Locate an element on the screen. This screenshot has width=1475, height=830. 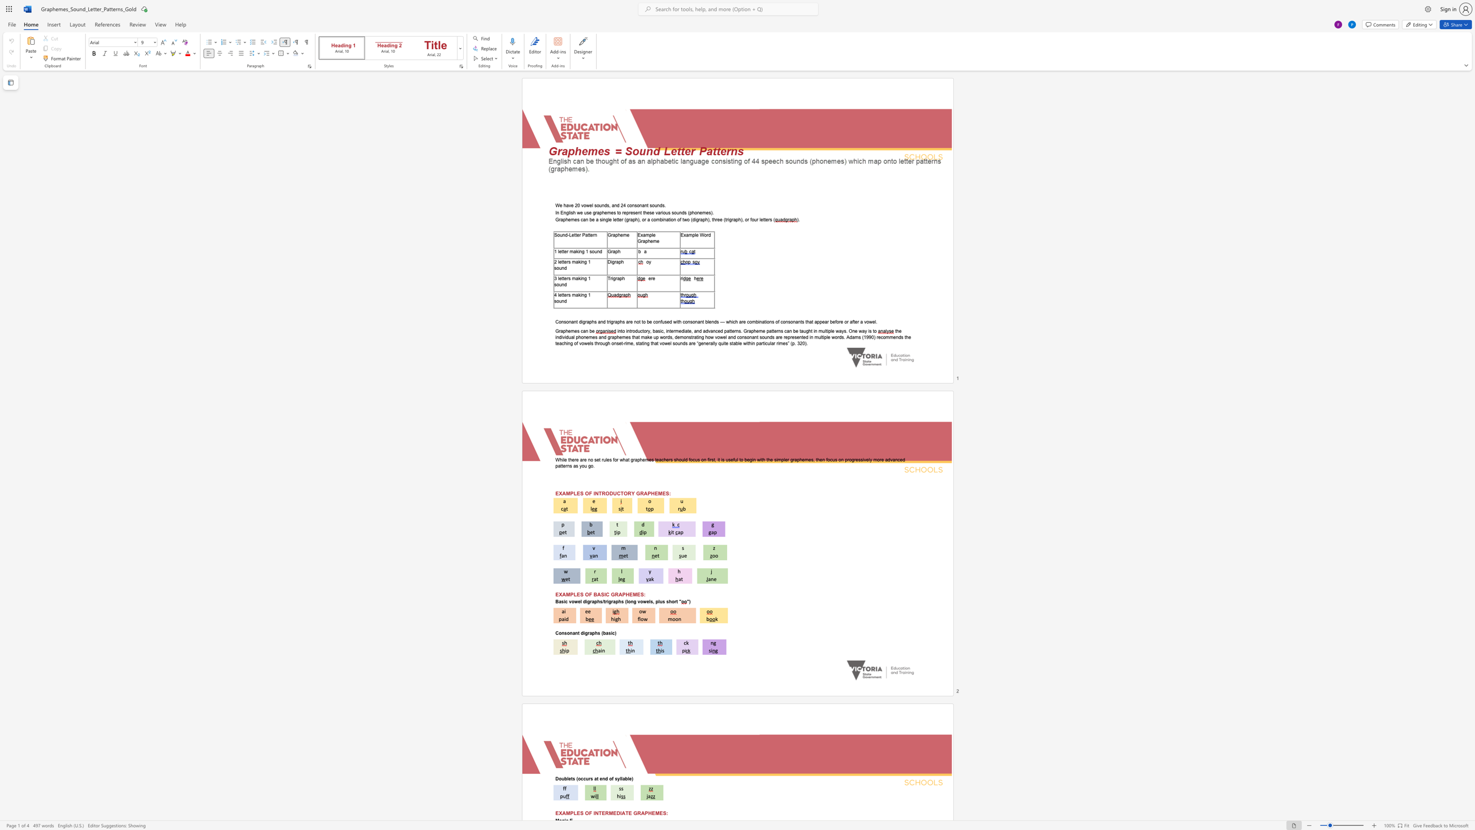
the subset text "es, then focus on progressively more advanced patterns as yo" within the text "While there are no set rules for what graphemes teachers should focus on first, it is useful to begin with the simpler graphemes, then focus on progressively more advanced patterns as you go" is located at coordinates (809, 459).